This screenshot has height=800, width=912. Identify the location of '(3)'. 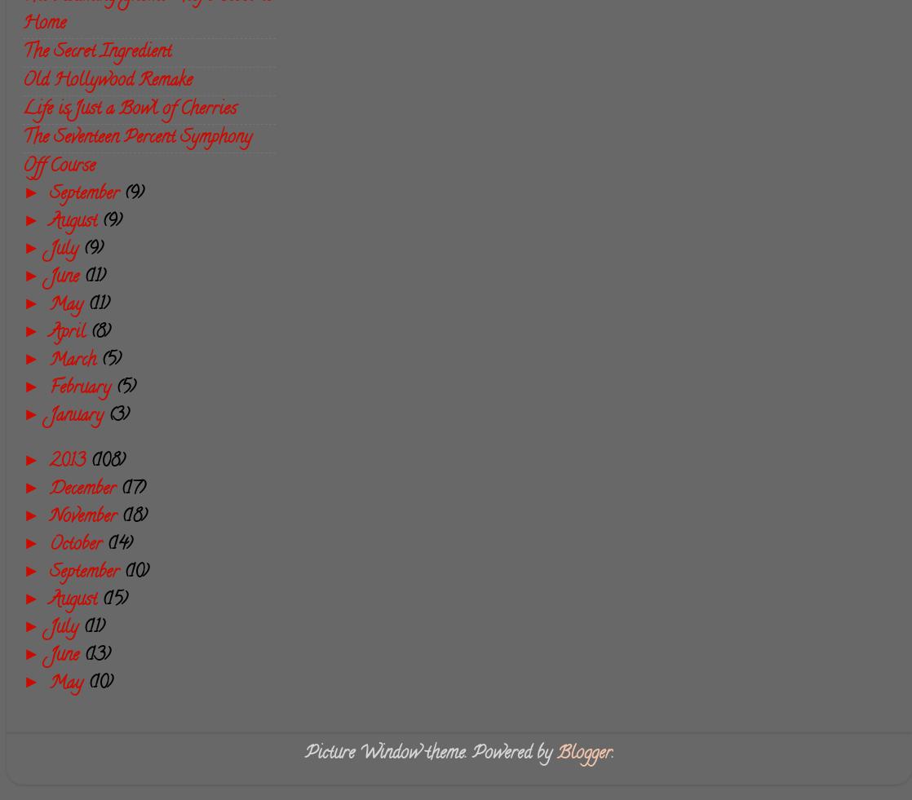
(118, 417).